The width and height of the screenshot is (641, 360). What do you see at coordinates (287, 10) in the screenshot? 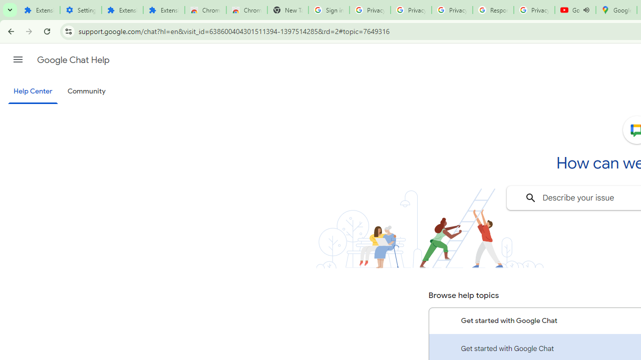
I see `'New Tab'` at bounding box center [287, 10].